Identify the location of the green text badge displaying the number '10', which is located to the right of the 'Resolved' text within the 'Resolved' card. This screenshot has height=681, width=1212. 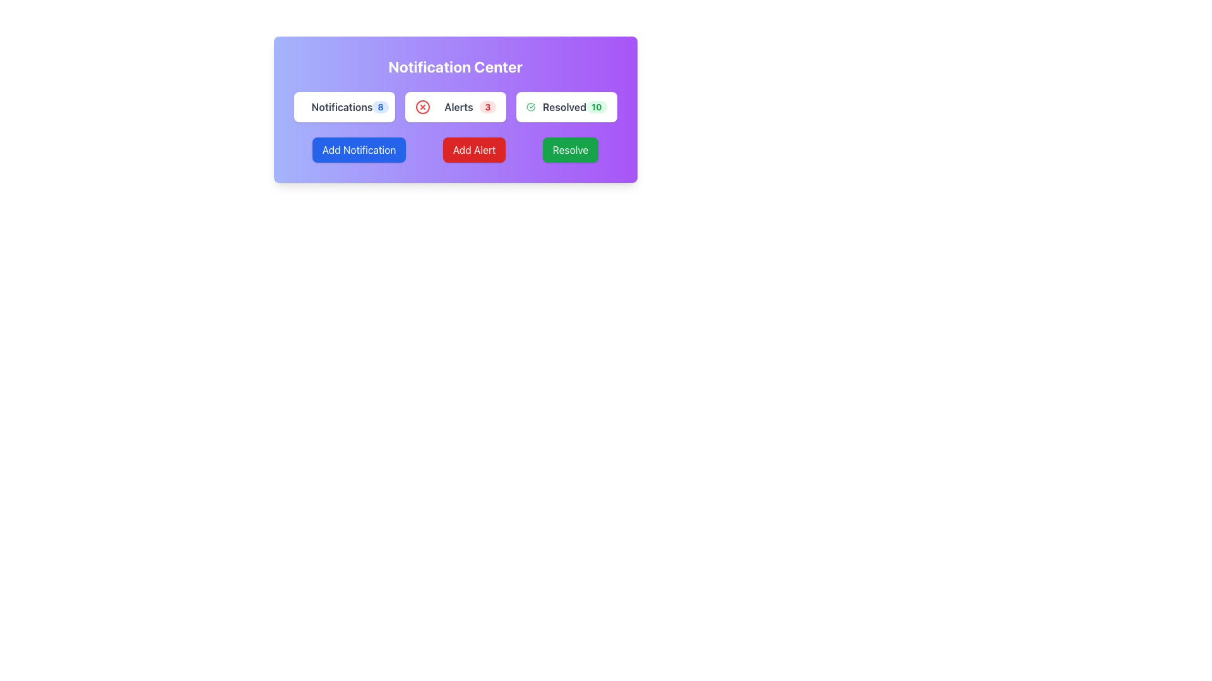
(596, 106).